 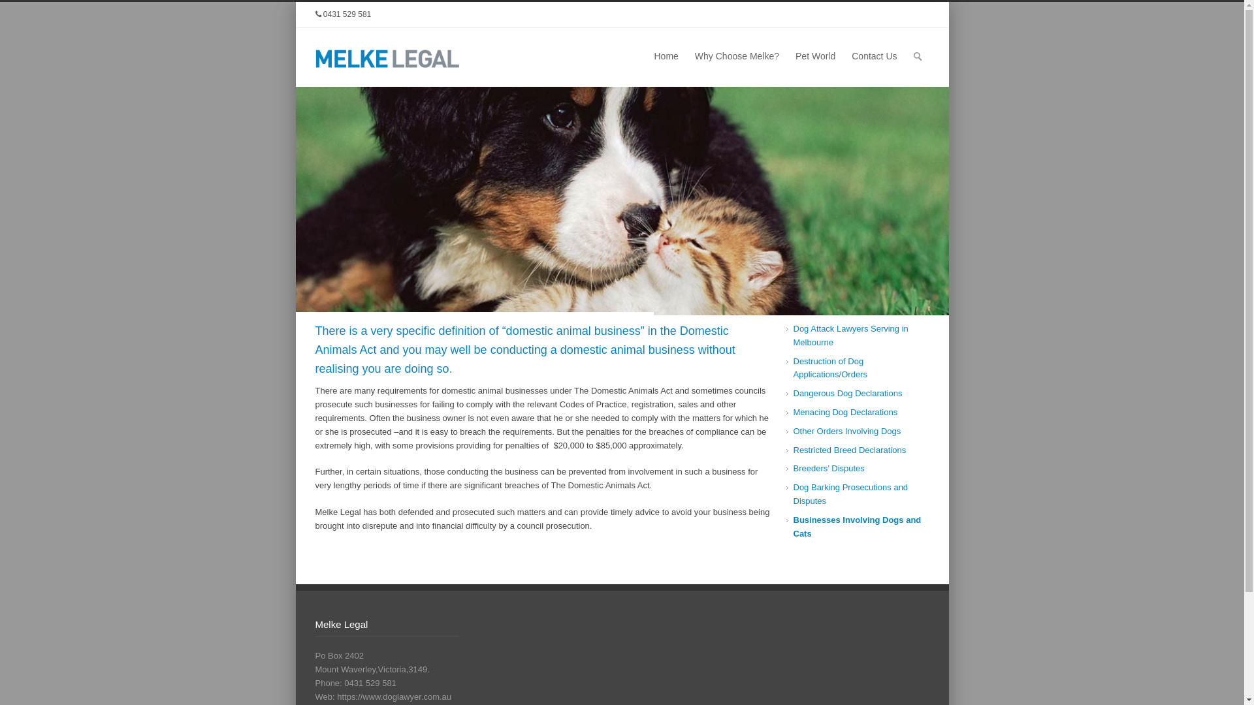 I want to click on 'Restricted Breed Declarations', so click(x=849, y=449).